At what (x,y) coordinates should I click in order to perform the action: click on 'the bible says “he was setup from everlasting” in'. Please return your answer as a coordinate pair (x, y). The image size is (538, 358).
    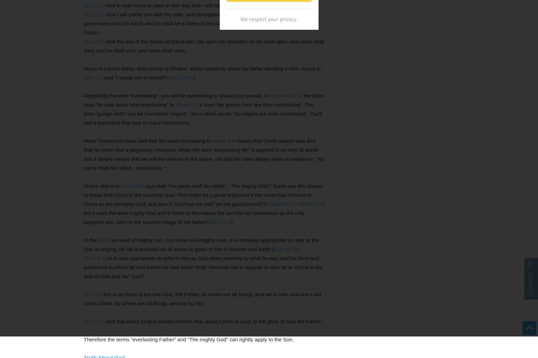
    Looking at the image, I should click on (203, 100).